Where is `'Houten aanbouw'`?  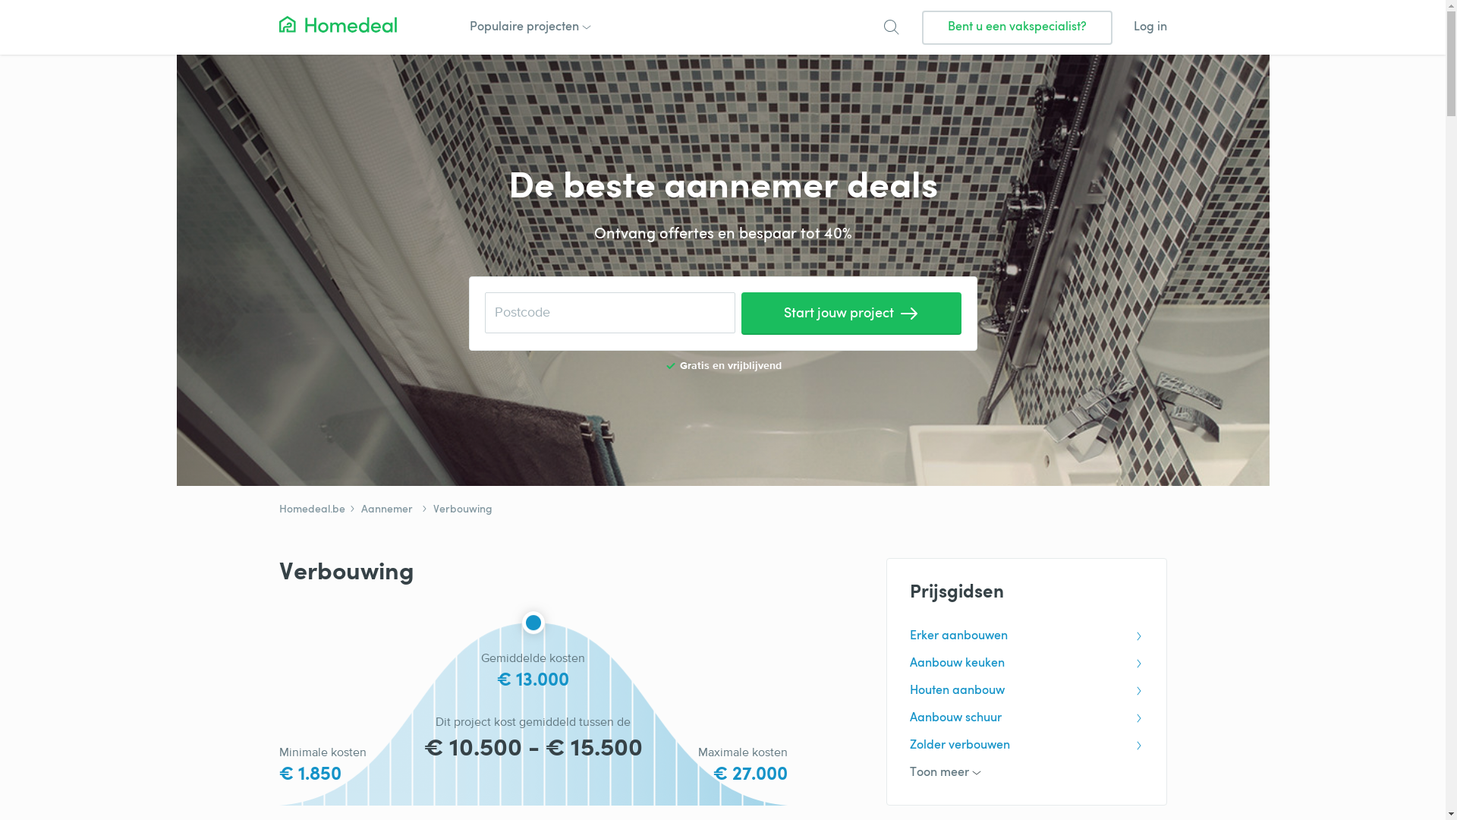
'Houten aanbouw' is located at coordinates (1026, 691).